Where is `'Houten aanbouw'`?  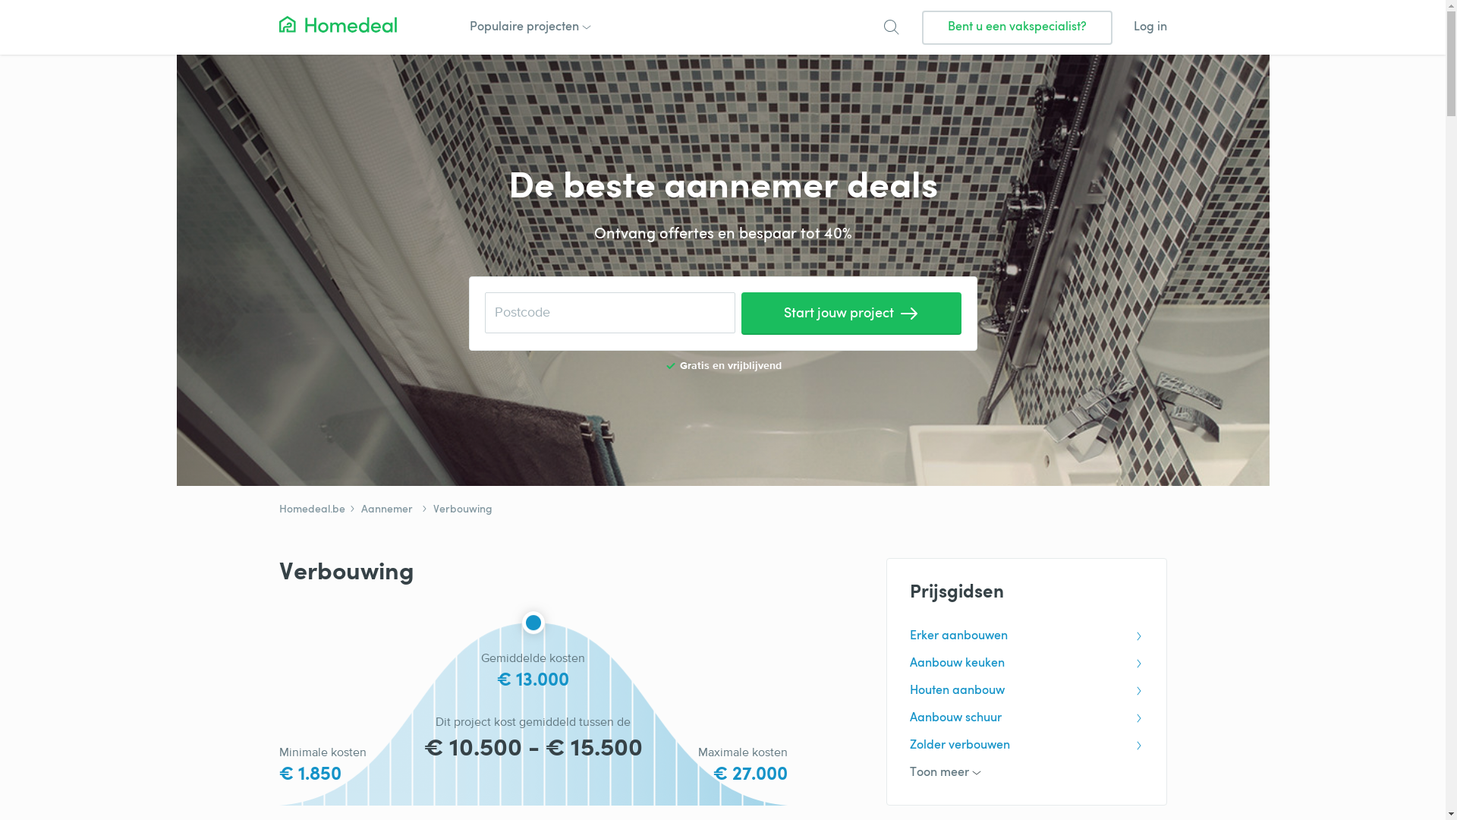
'Houten aanbouw' is located at coordinates (1026, 691).